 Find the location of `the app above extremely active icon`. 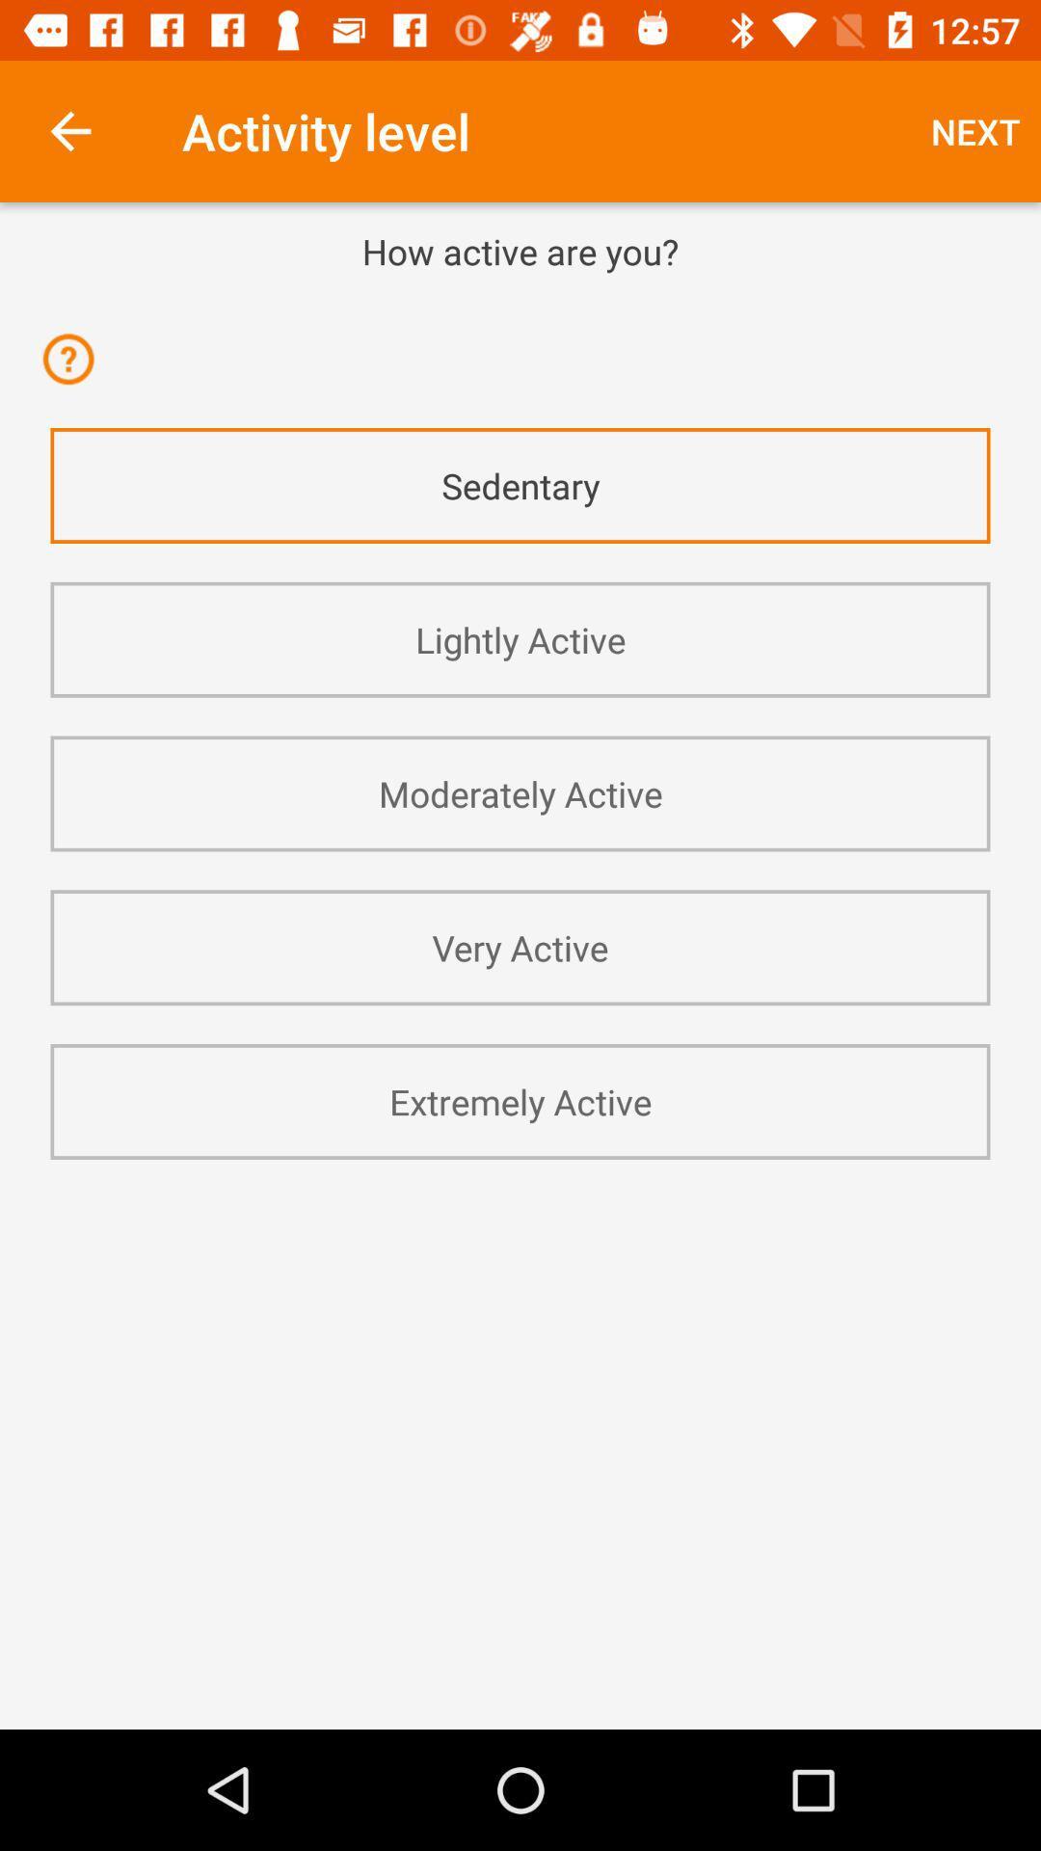

the app above extremely active icon is located at coordinates (520, 948).